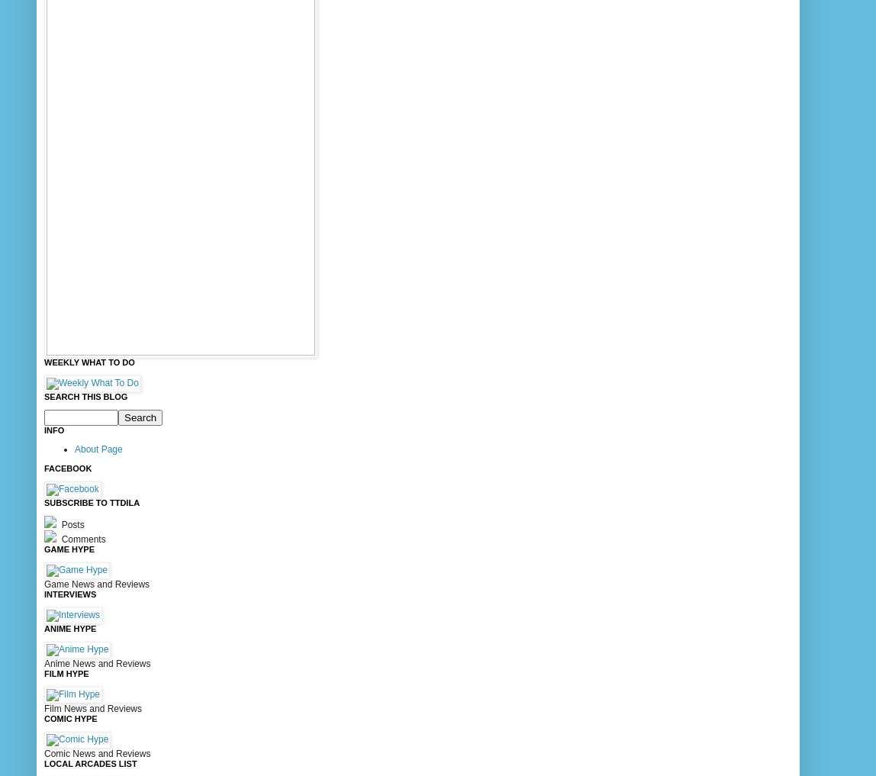  Describe the element at coordinates (43, 395) in the screenshot. I see `'Search This Blog'` at that location.